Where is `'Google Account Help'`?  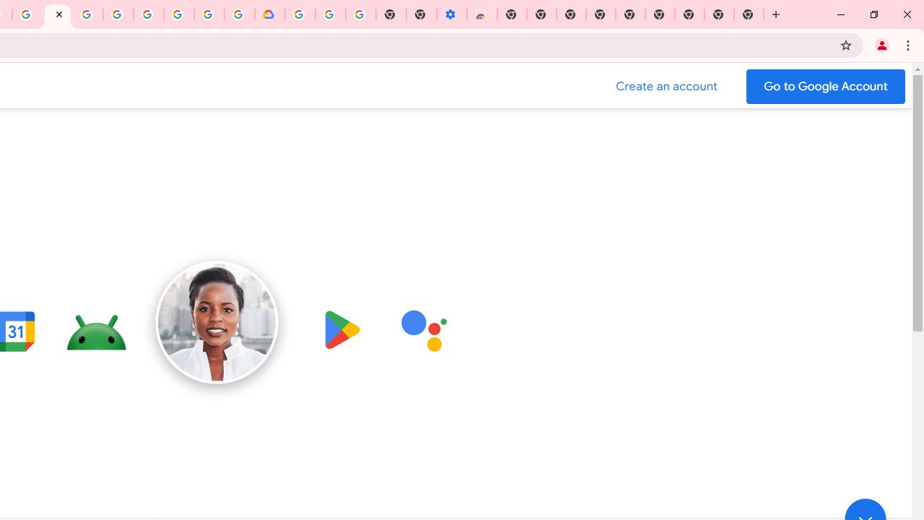 'Google Account Help' is located at coordinates (329, 14).